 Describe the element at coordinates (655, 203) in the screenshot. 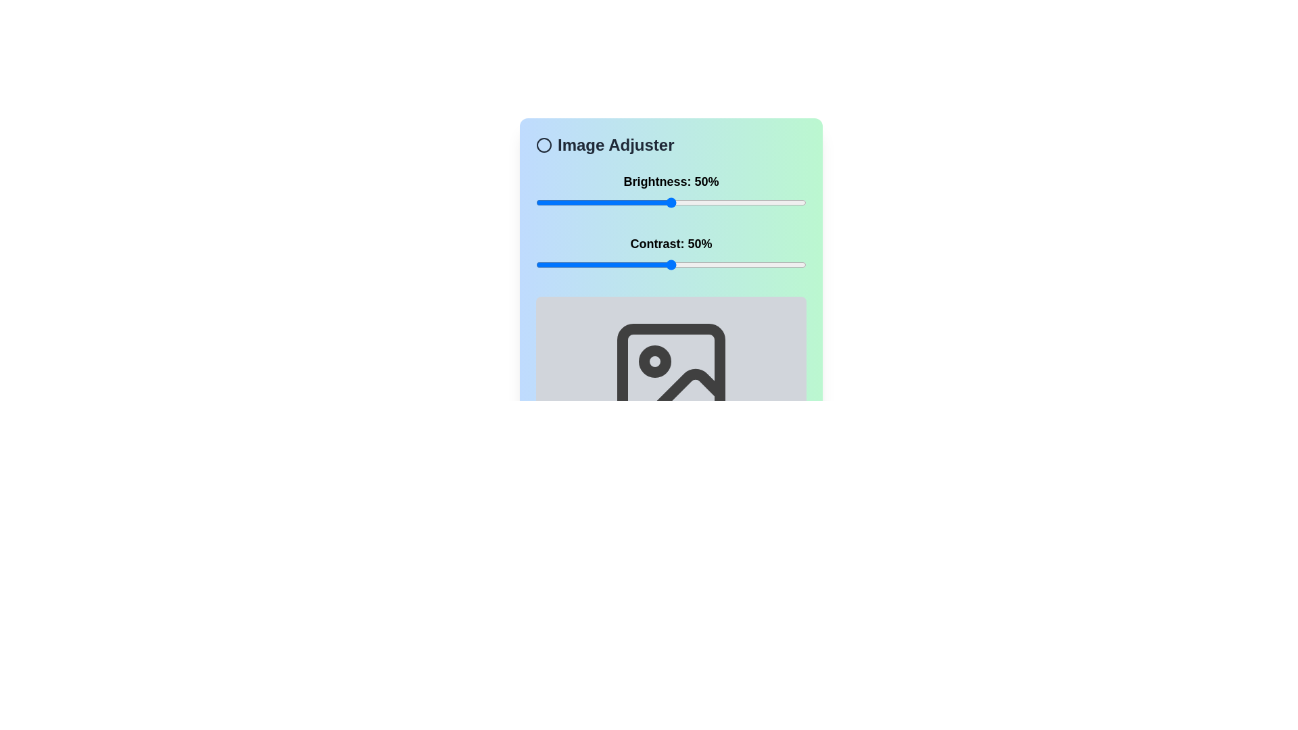

I see `the brightness slider to 44%` at that location.